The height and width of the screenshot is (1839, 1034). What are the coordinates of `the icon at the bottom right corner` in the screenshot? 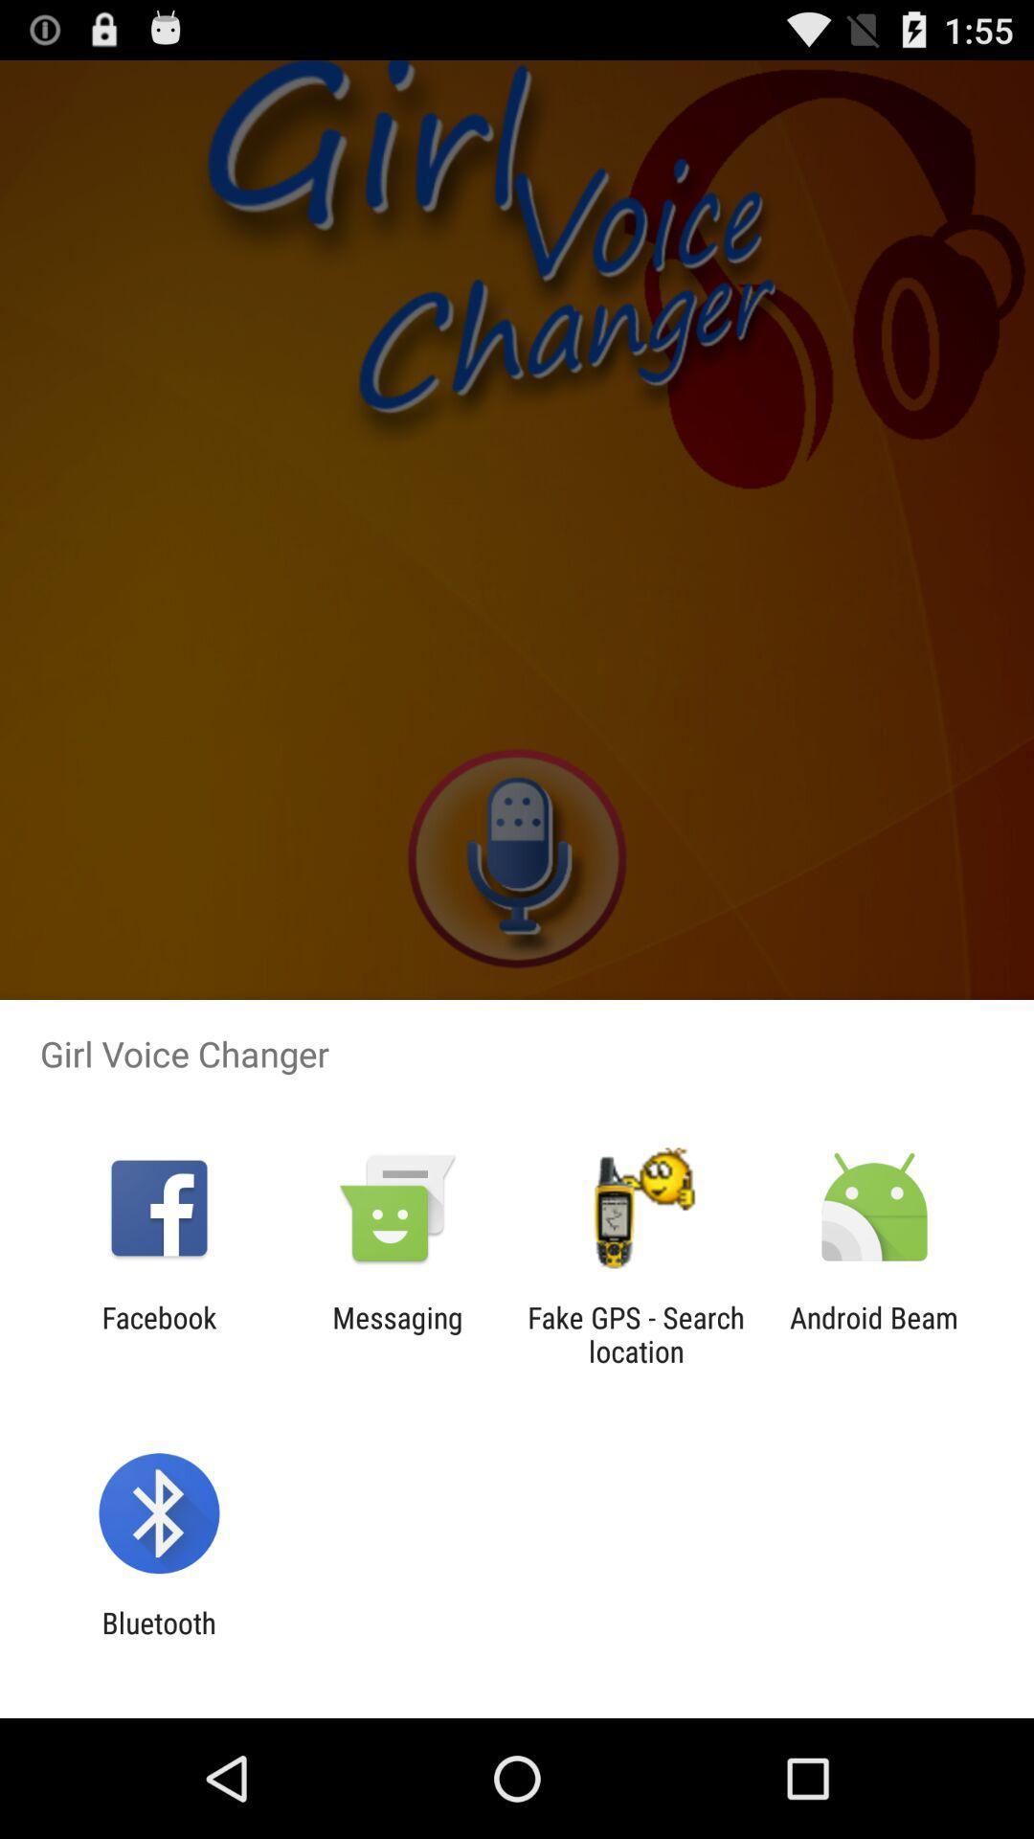 It's located at (874, 1333).